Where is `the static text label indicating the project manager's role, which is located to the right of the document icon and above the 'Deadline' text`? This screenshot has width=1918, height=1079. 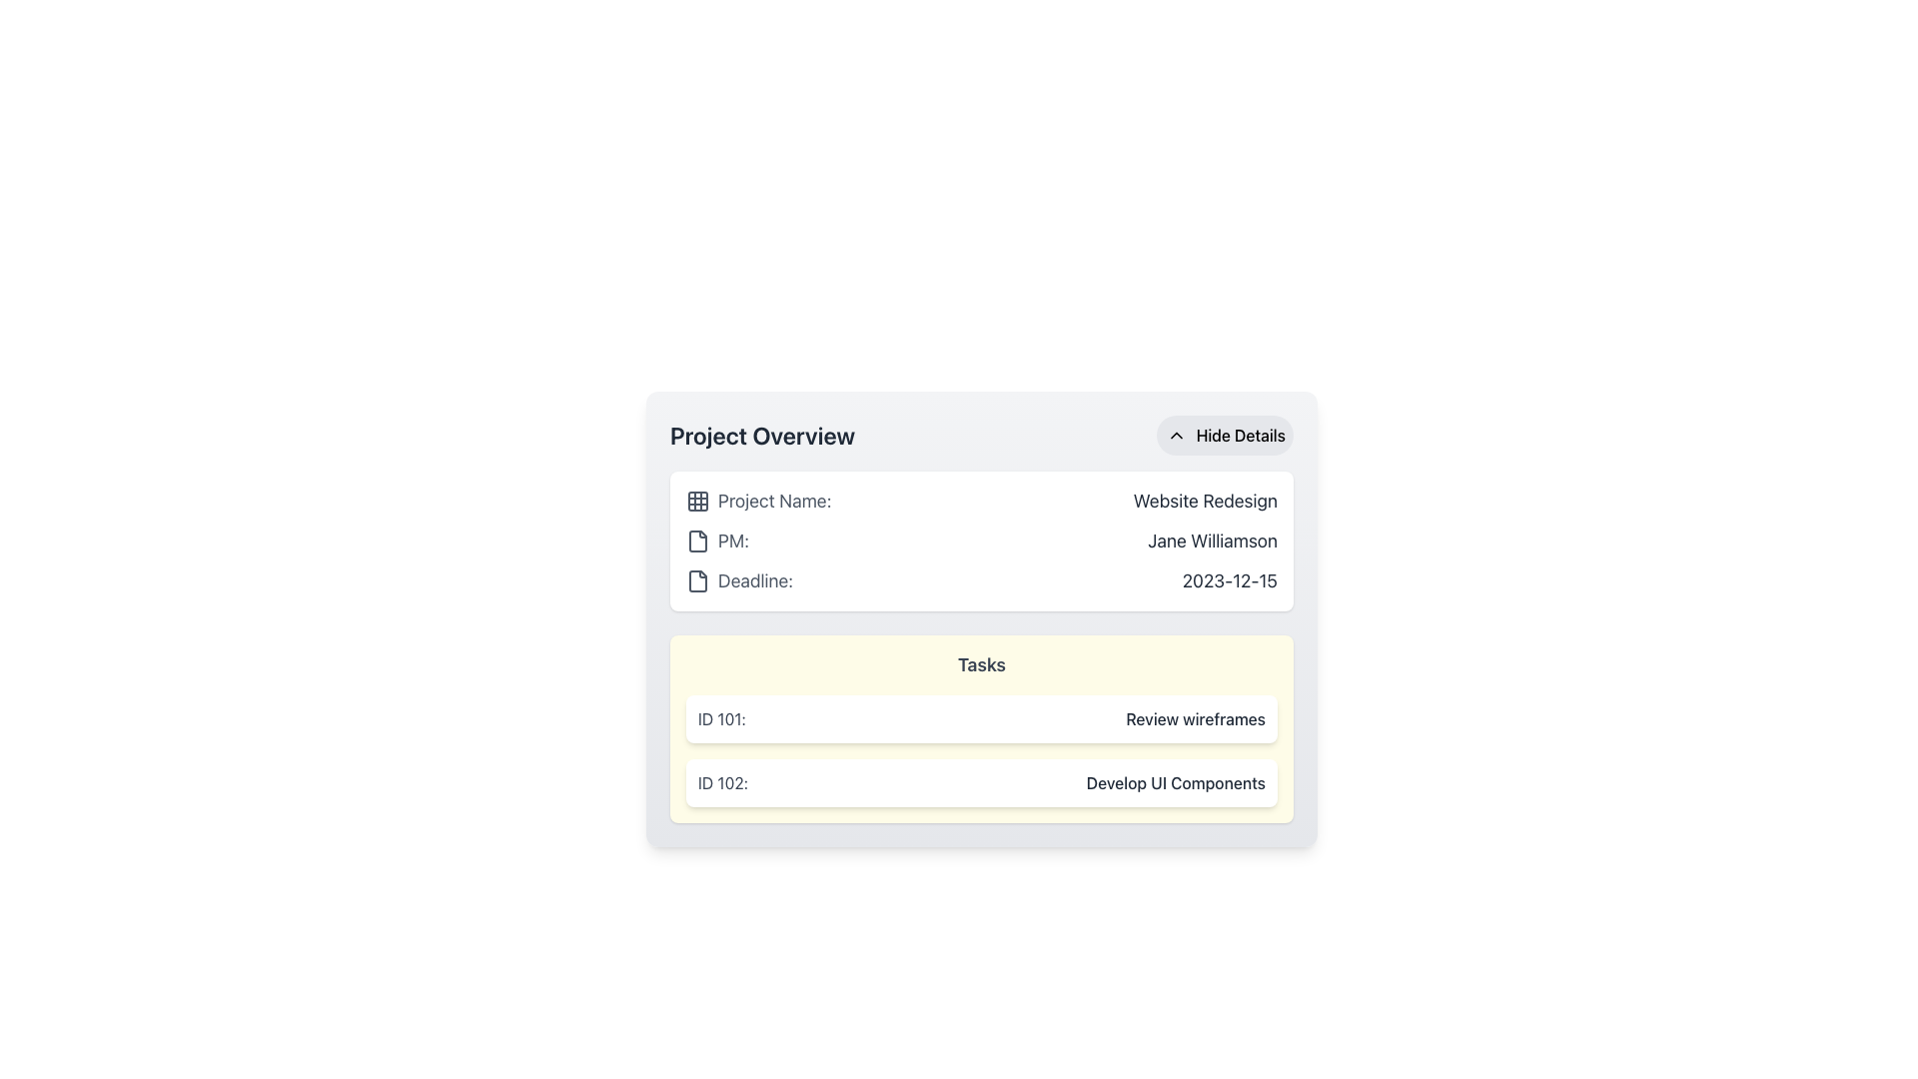 the static text label indicating the project manager's role, which is located to the right of the document icon and above the 'Deadline' text is located at coordinates (732, 541).